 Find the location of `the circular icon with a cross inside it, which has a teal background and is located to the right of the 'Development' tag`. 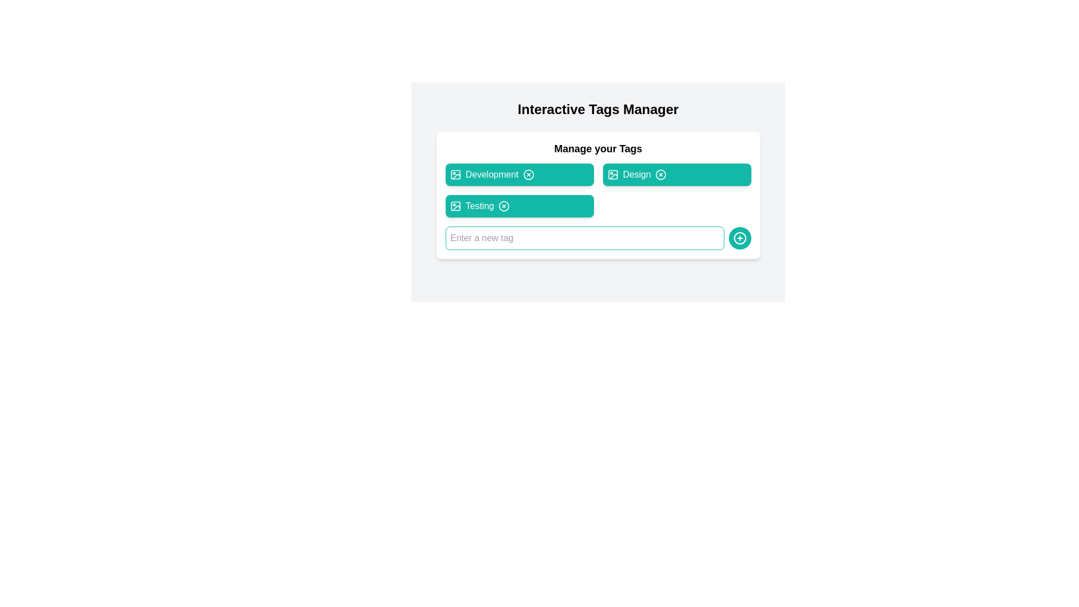

the circular icon with a cross inside it, which has a teal background and is located to the right of the 'Development' tag is located at coordinates (528, 175).